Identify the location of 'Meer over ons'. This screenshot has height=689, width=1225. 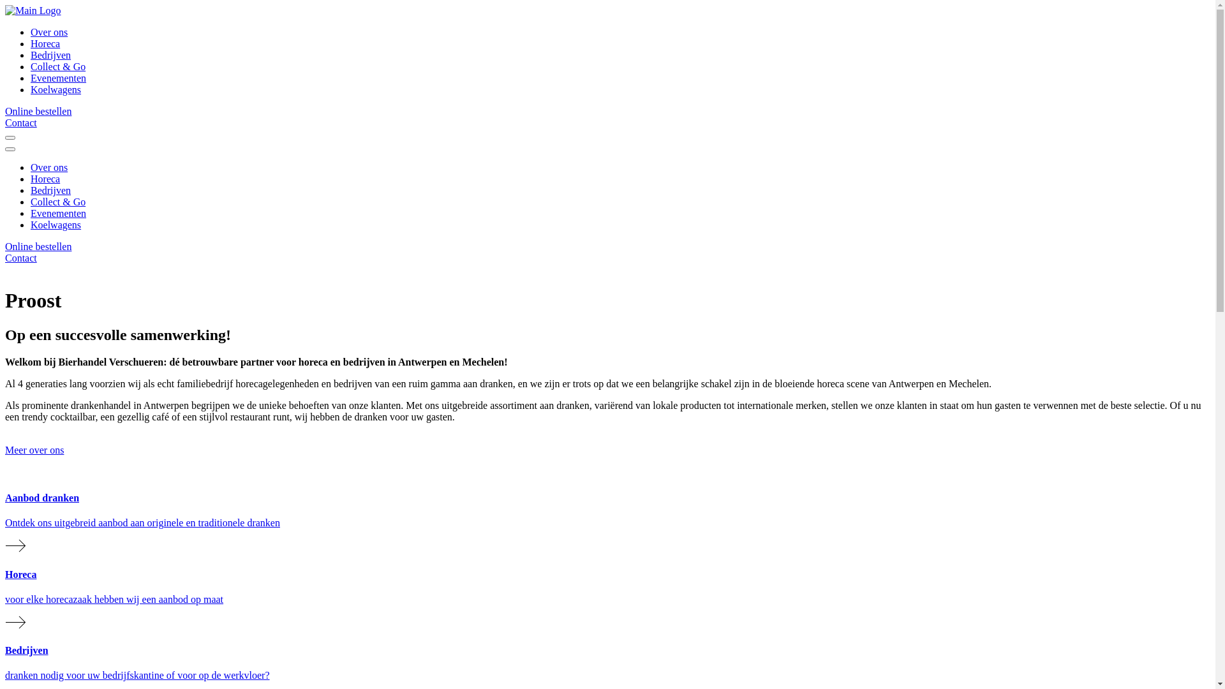
(34, 449).